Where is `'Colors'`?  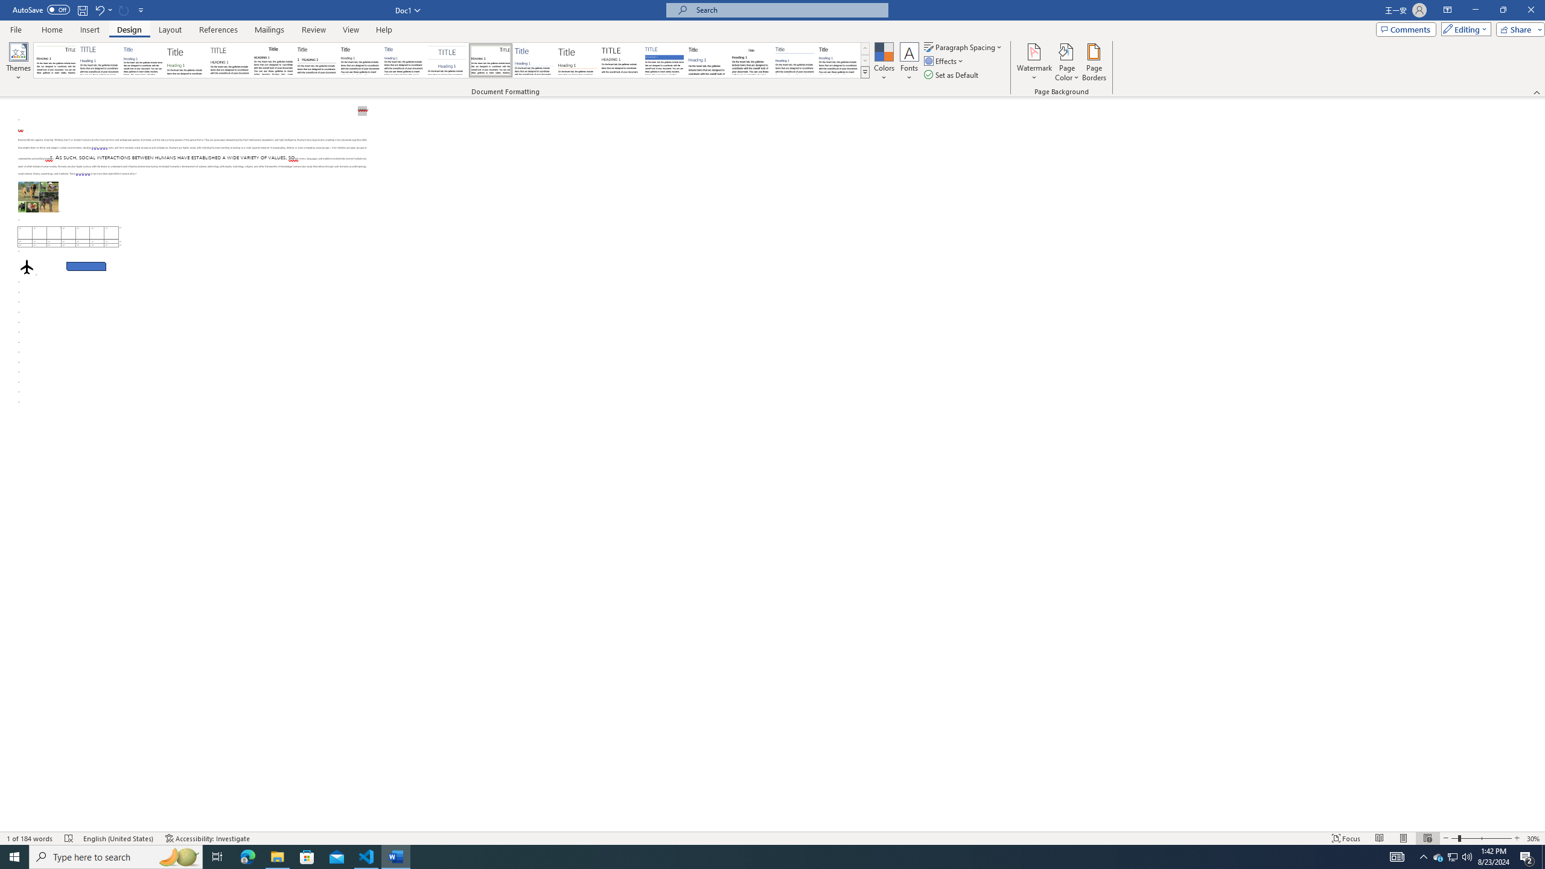
'Colors' is located at coordinates (883, 62).